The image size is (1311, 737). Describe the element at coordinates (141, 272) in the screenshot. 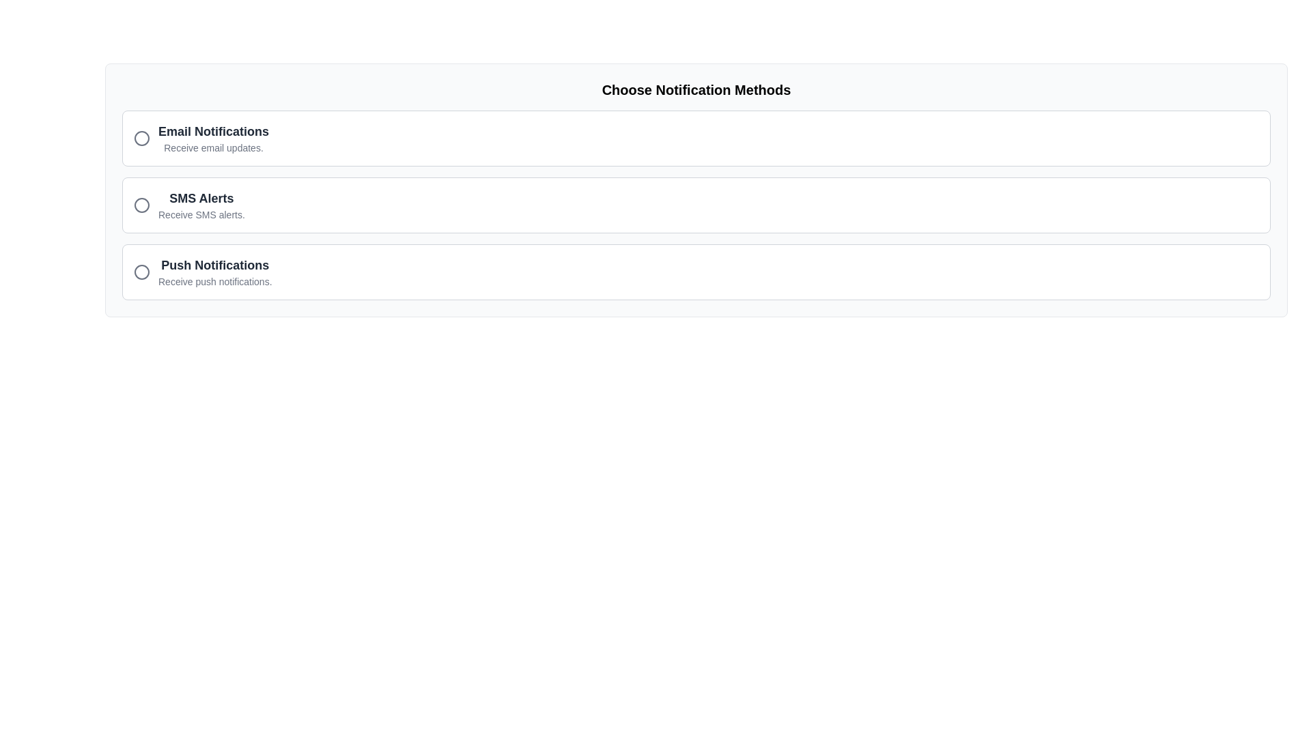

I see `the inner circle of the 'Push Notifications' icon, which is a circular SVG shape with a stroke outline and no fill, located at the bottom of the notification method options list` at that location.